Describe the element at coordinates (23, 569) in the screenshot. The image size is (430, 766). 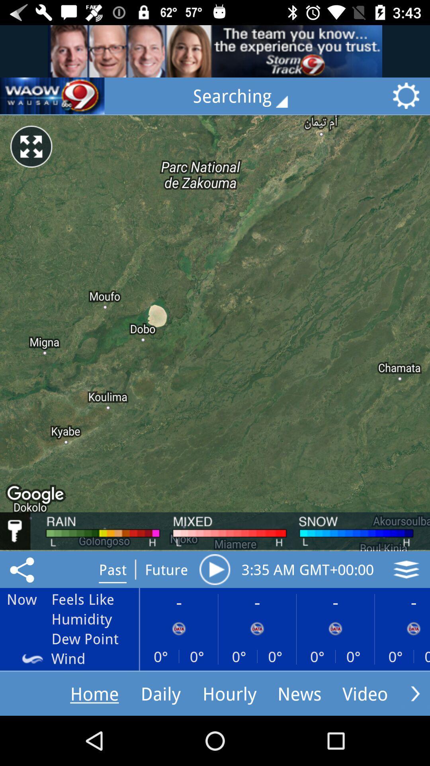
I see `the share icon` at that location.